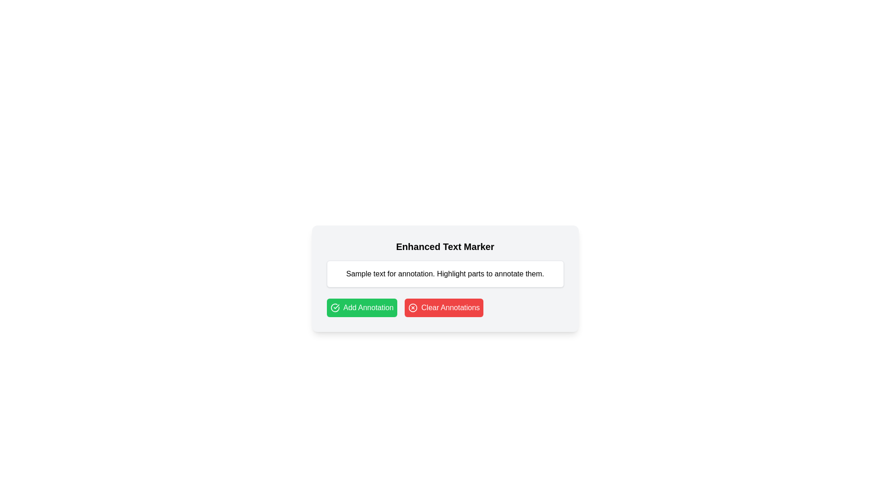  What do you see at coordinates (381, 273) in the screenshot?
I see `the static text element that displays 'Sample text for annotation. Highlight parts to annotate them.' specifically at the tenth character position` at bounding box center [381, 273].